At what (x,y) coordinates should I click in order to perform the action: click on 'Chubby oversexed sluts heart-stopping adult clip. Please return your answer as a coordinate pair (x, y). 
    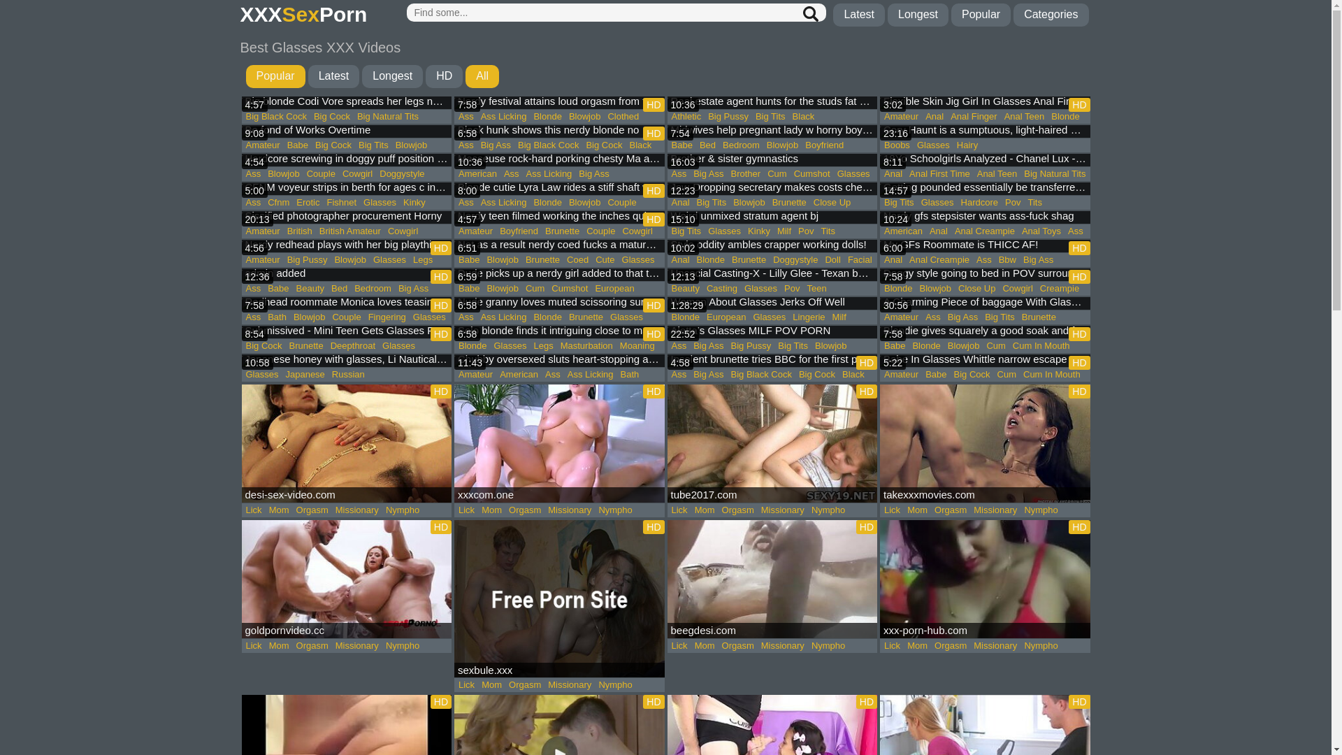
    Looking at the image, I should click on (559, 360).